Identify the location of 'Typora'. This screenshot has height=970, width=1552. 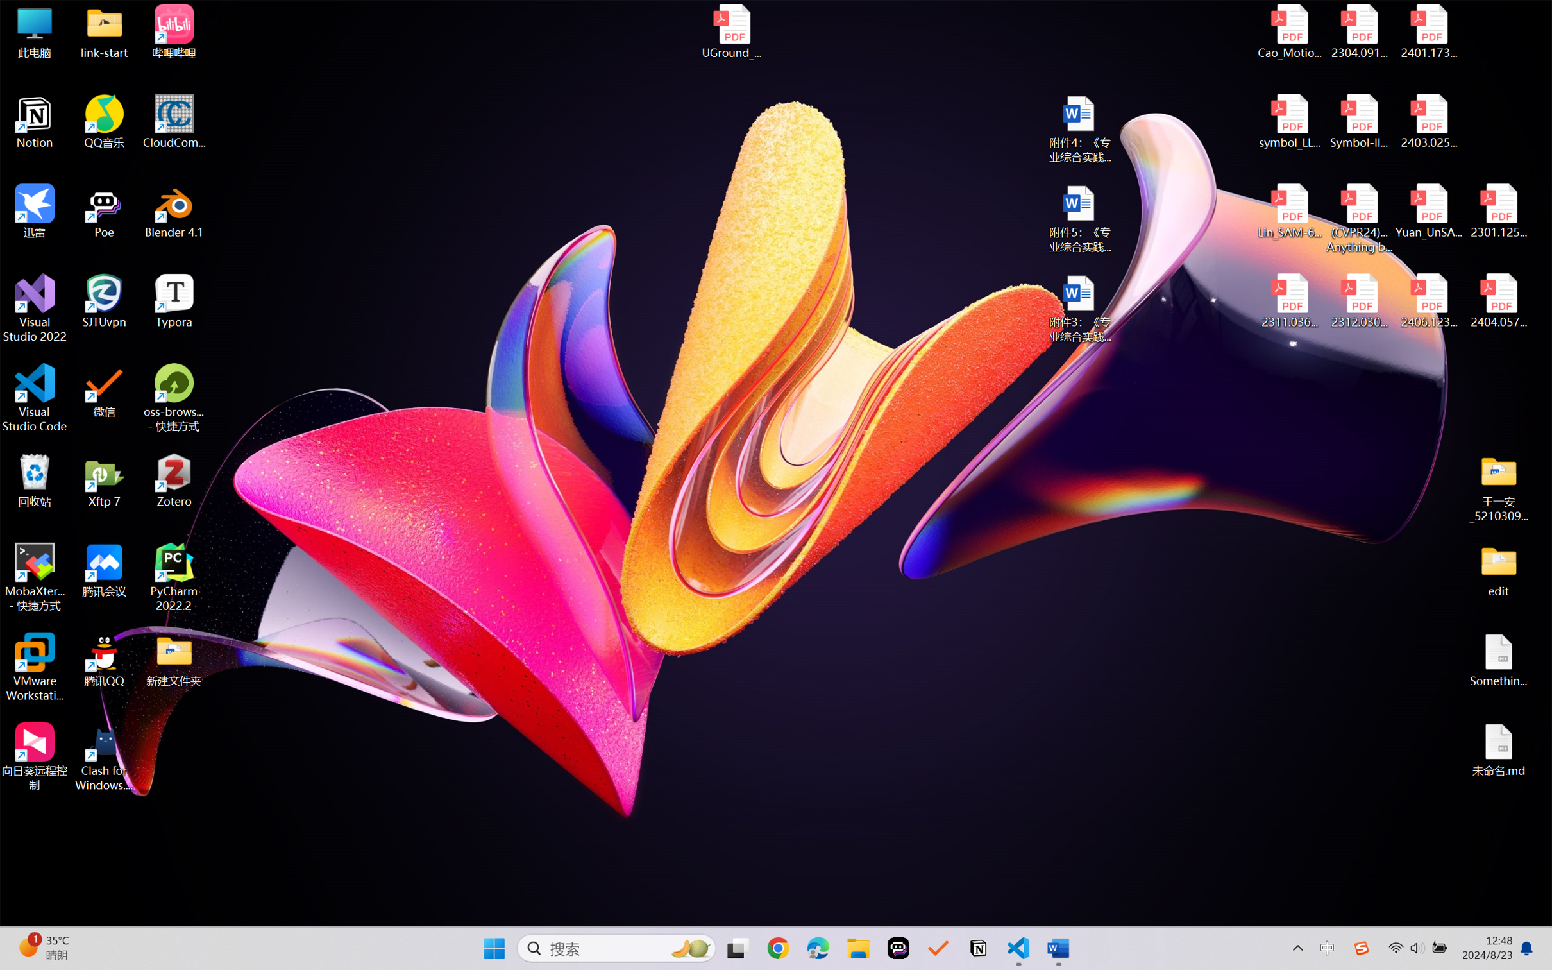
(174, 301).